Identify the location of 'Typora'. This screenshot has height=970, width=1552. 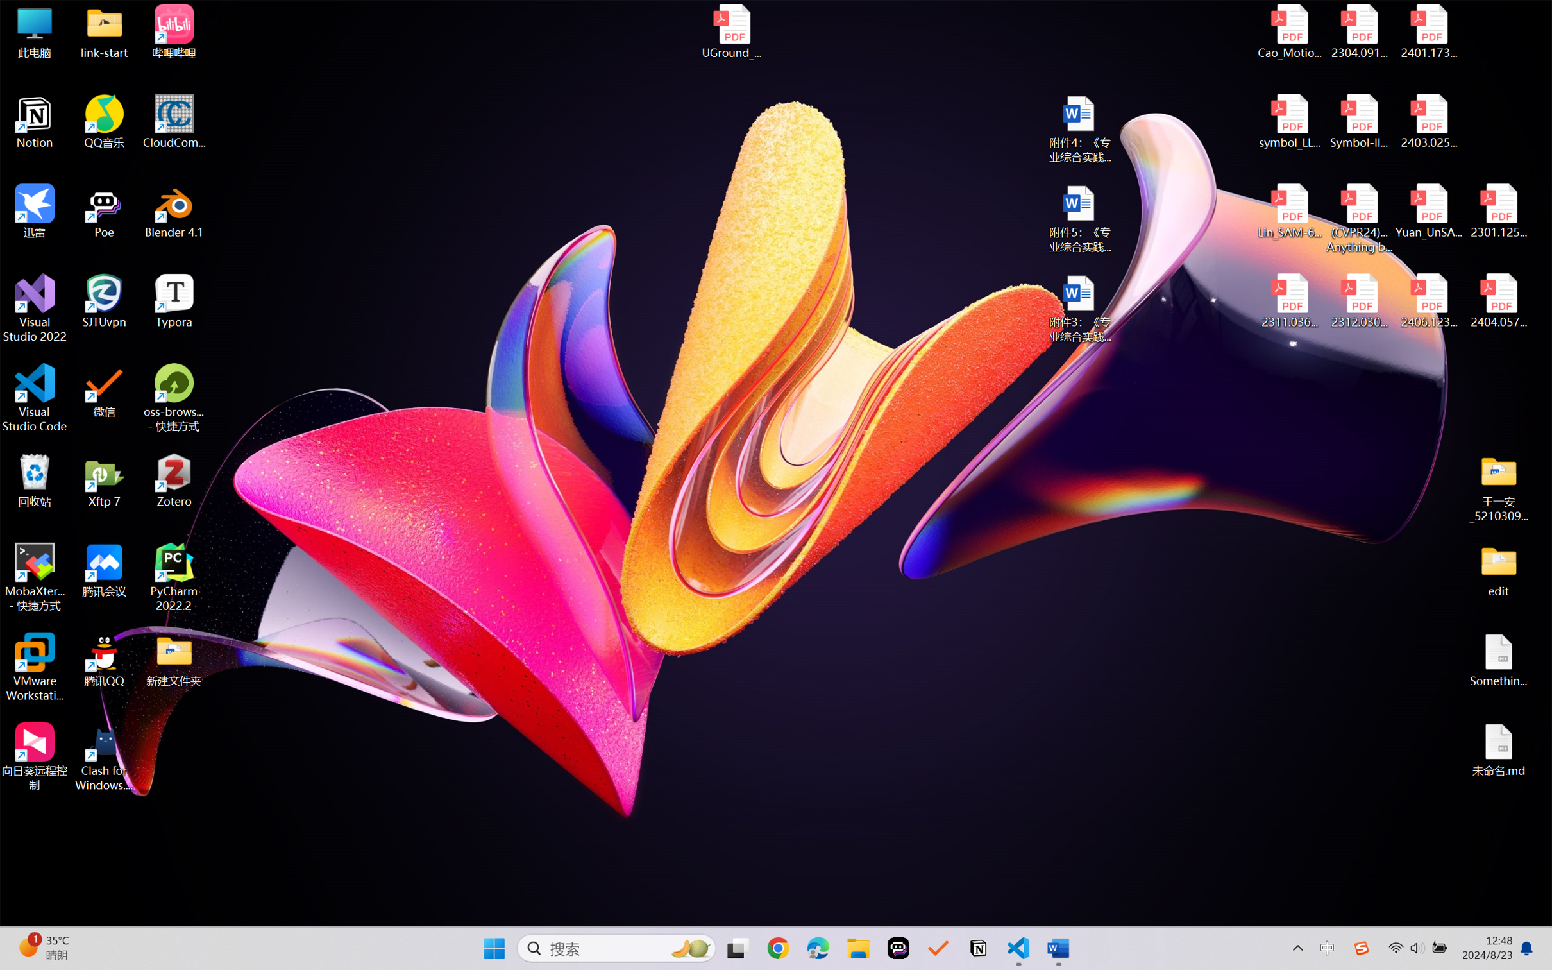
(174, 301).